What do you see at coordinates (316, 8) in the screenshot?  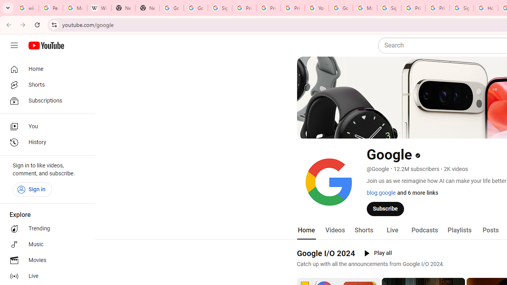 I see `'YouTube'` at bounding box center [316, 8].